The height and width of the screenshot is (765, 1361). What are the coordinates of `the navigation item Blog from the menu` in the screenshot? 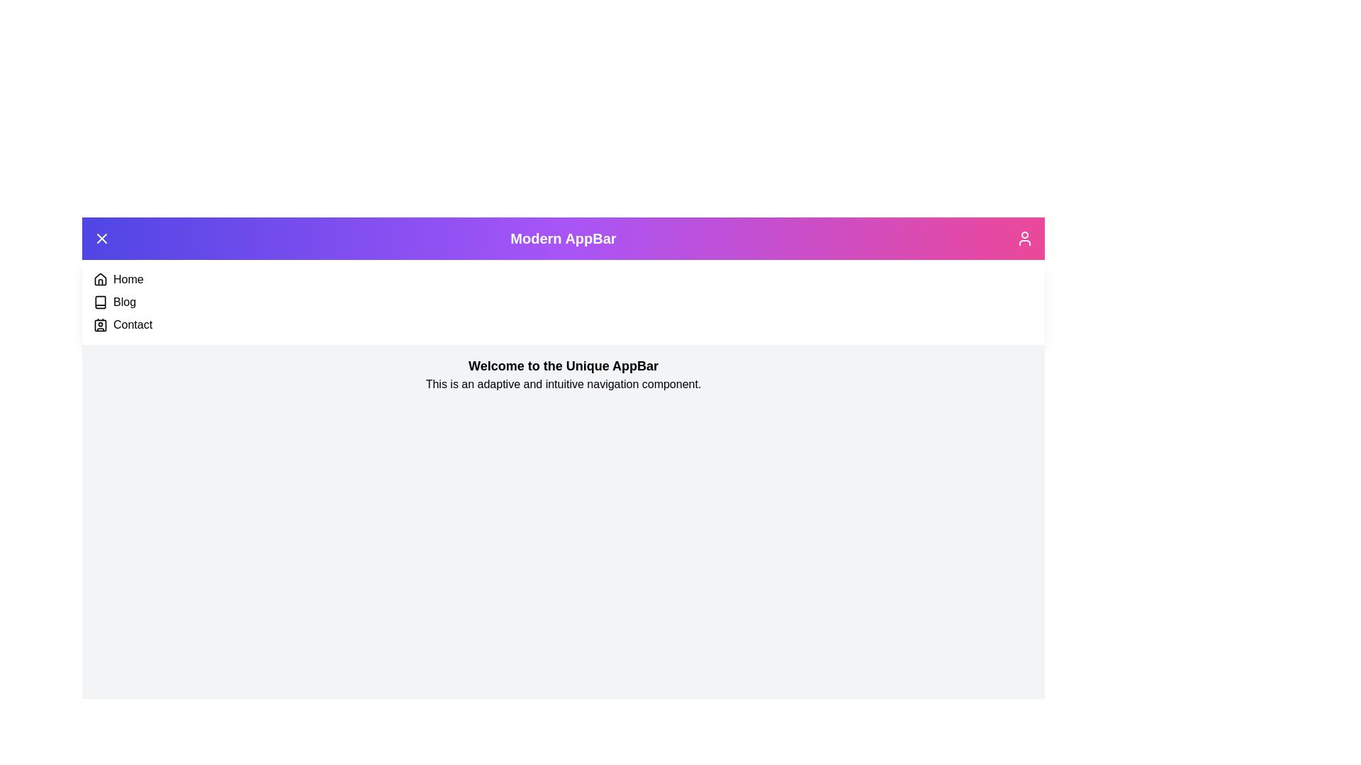 It's located at (100, 302).